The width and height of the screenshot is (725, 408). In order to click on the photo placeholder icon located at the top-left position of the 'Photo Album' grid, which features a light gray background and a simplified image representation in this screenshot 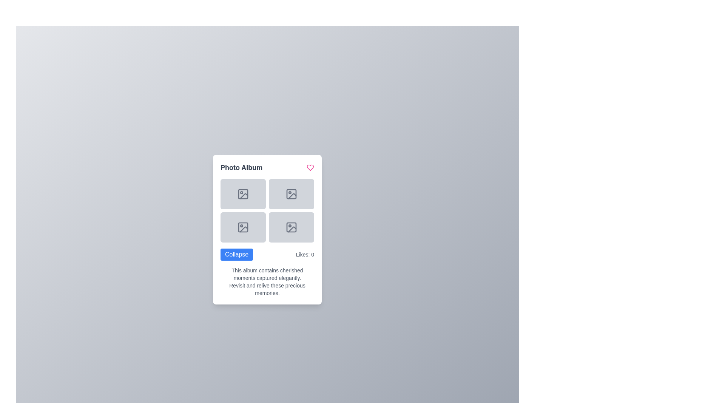, I will do `click(243, 193)`.